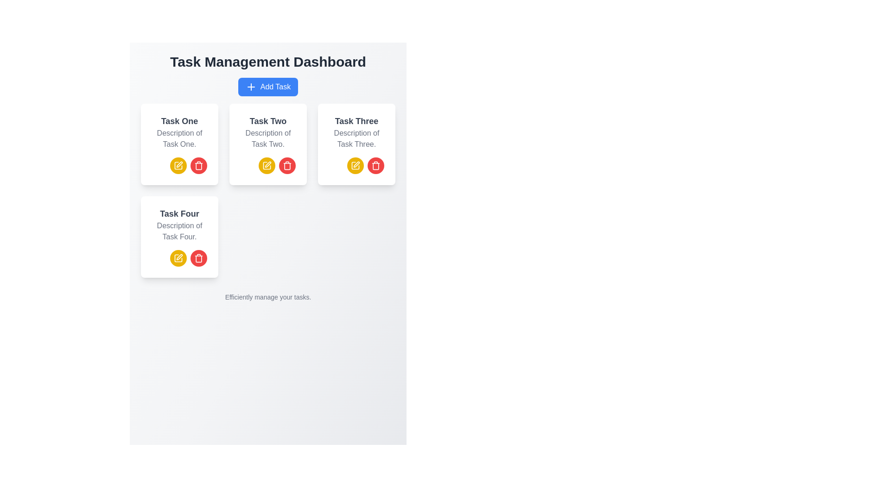 This screenshot has height=500, width=890. What do you see at coordinates (179, 144) in the screenshot?
I see `the yellow button on the first task card located in the top-left corner of the layout` at bounding box center [179, 144].